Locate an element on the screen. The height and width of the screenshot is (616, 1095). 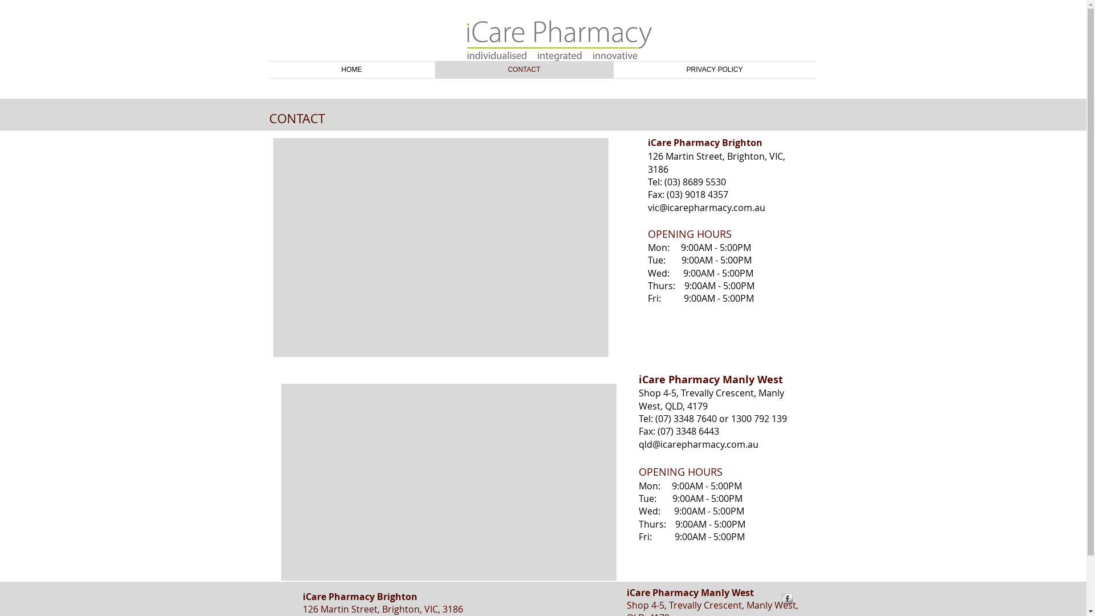
'CONTACT' is located at coordinates (523, 70).